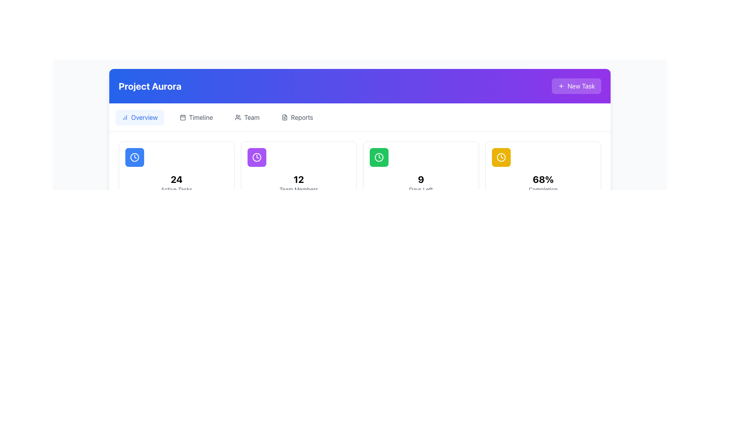 This screenshot has height=423, width=752. I want to click on the 'Timeline' button, which is the second button in the horizontal navigation bar, so click(196, 117).